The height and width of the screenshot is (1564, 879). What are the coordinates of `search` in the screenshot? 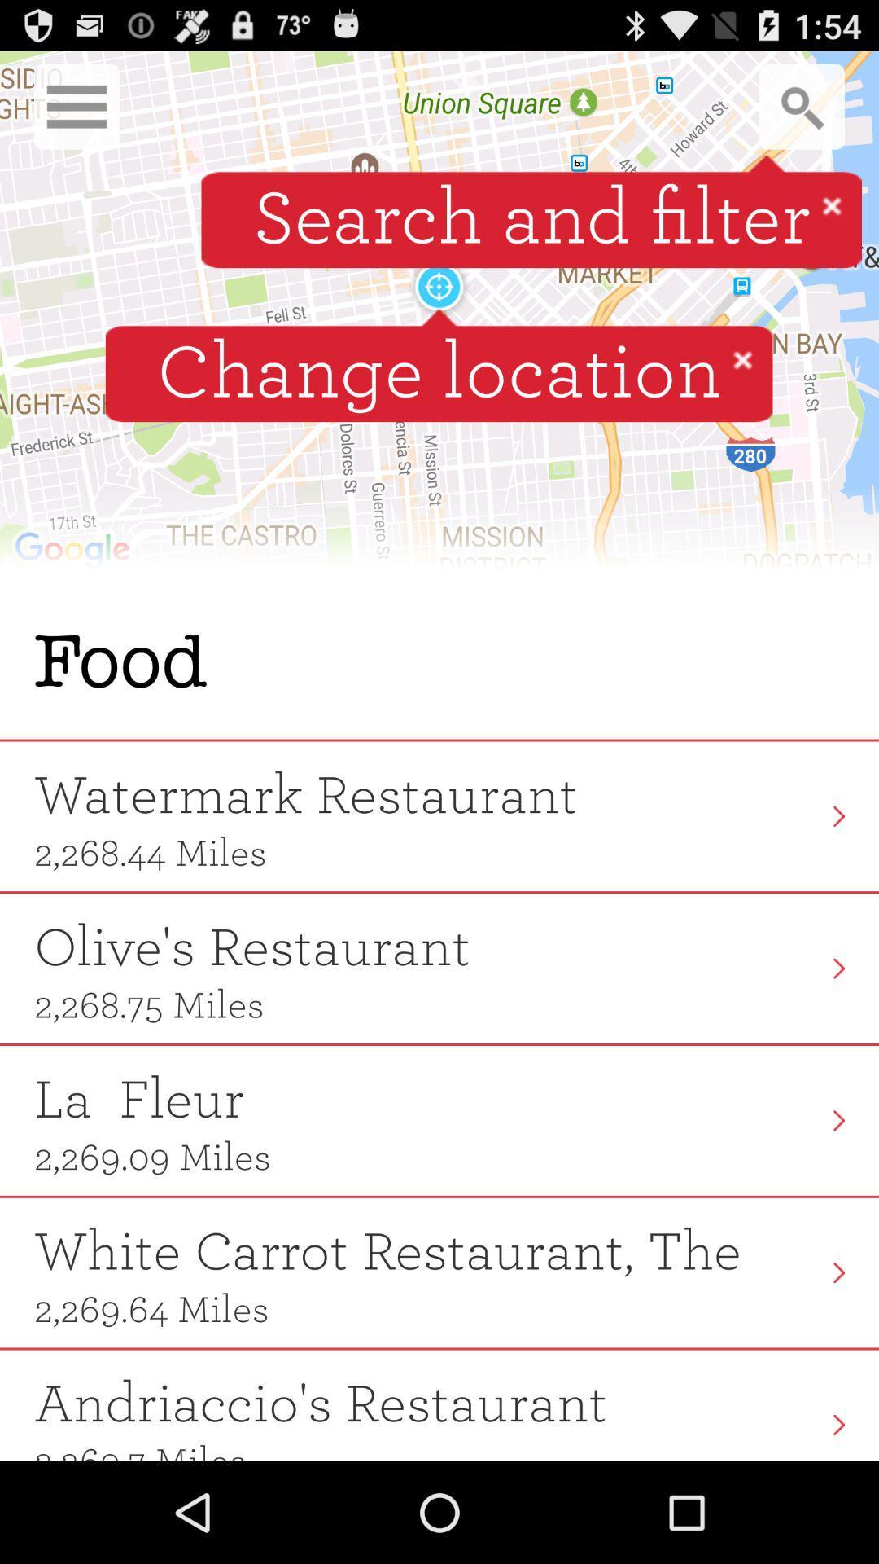 It's located at (801, 106).